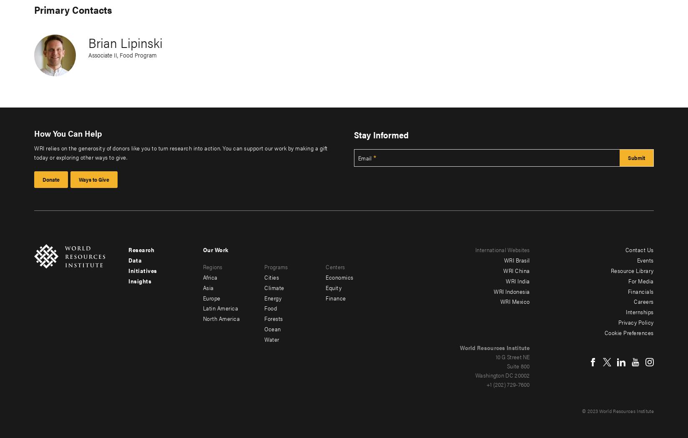 The image size is (688, 438). Describe the element at coordinates (335, 266) in the screenshot. I see `'Centers'` at that location.